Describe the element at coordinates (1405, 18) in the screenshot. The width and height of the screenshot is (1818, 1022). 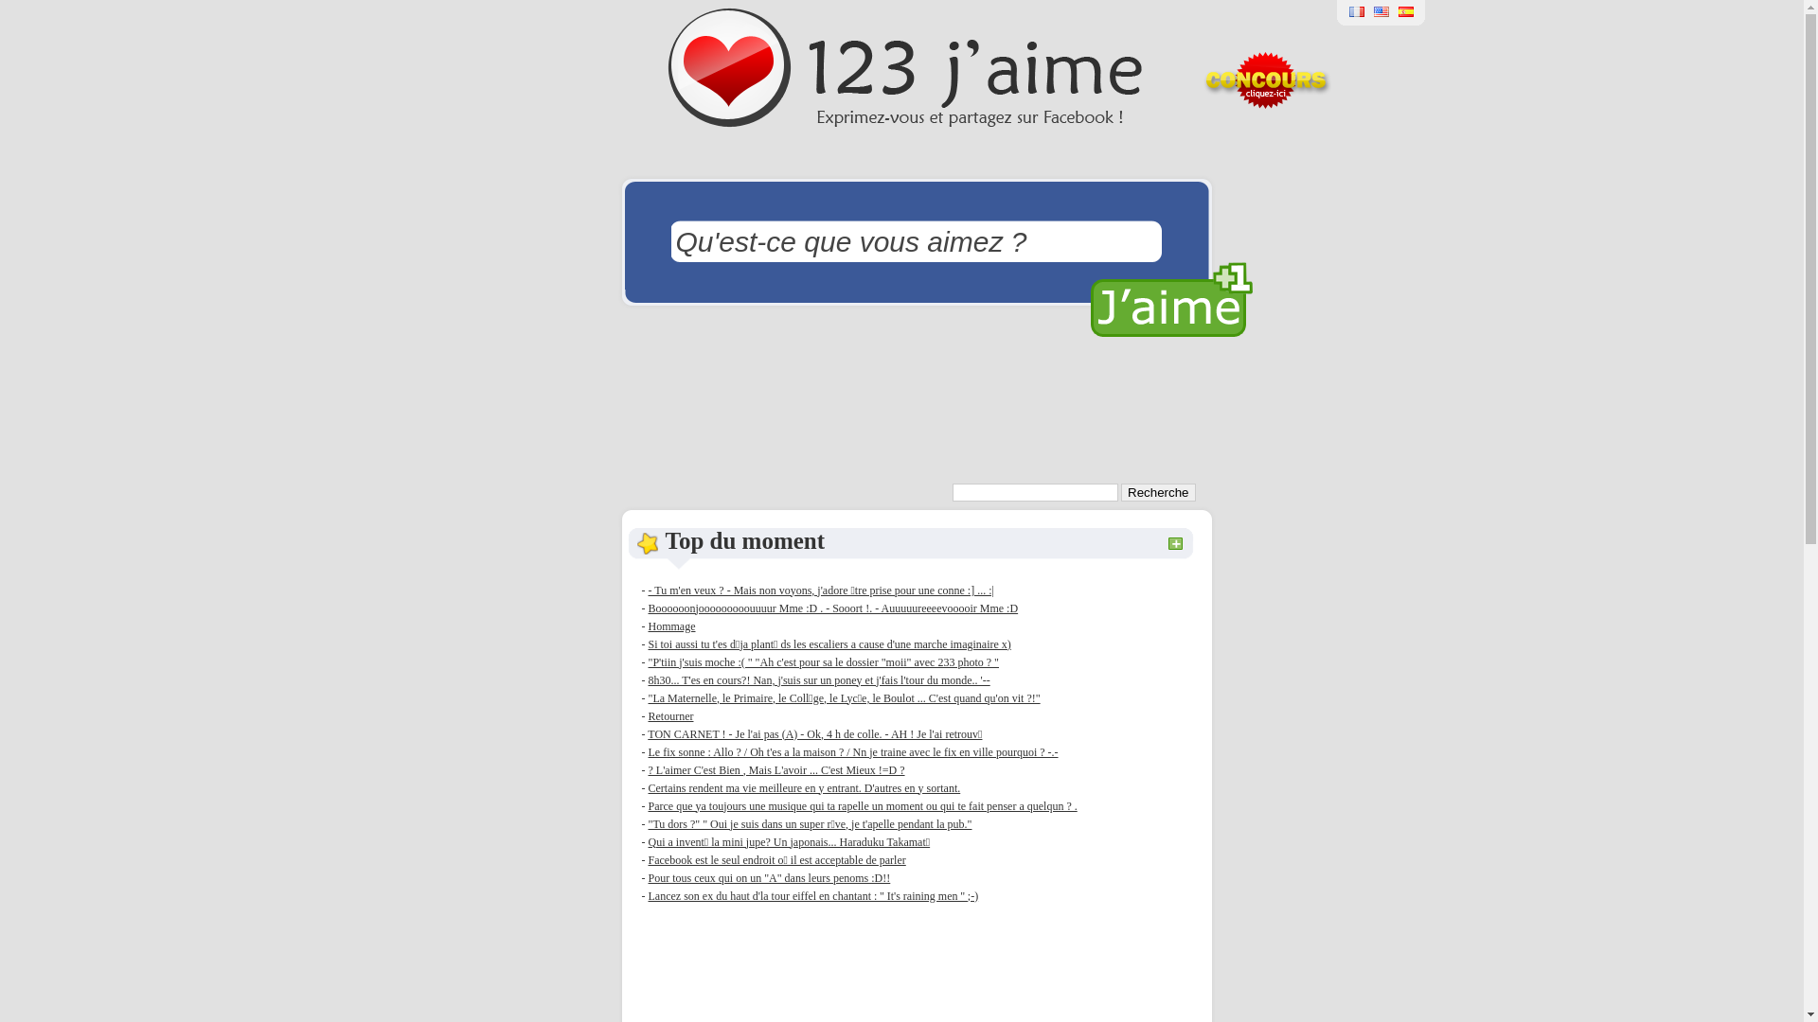
I see `'123 Gusta'` at that location.